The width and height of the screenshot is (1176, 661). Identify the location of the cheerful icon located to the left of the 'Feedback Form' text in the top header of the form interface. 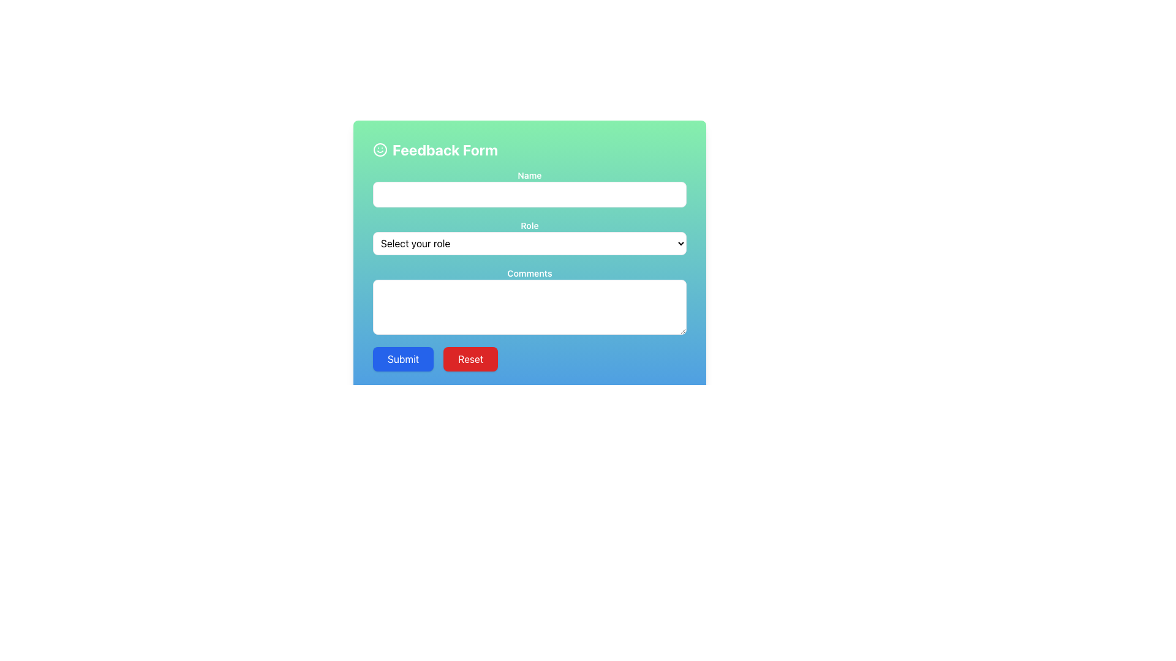
(379, 149).